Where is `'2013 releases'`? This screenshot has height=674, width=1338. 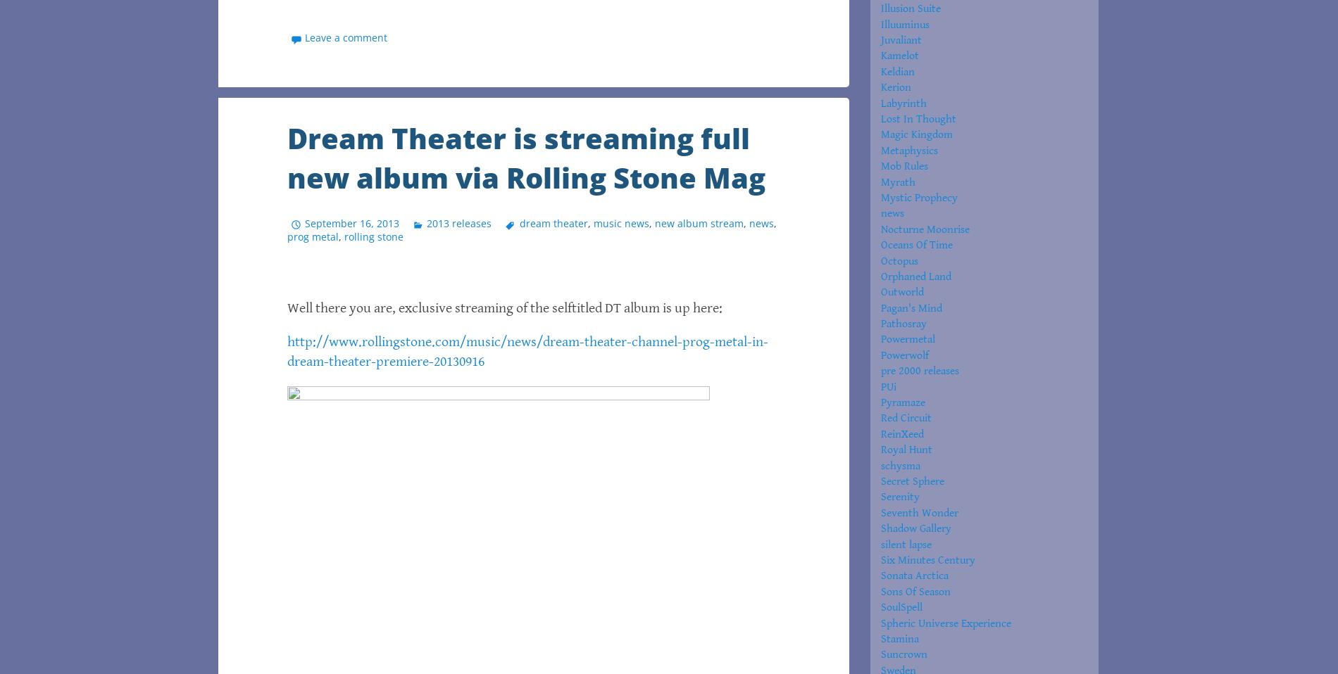
'2013 releases' is located at coordinates (459, 222).